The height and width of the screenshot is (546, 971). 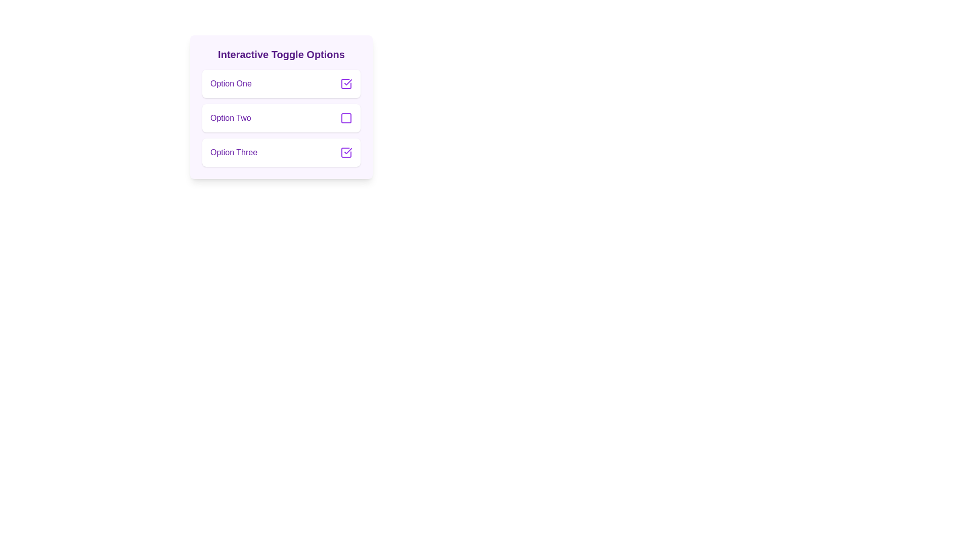 What do you see at coordinates (346, 152) in the screenshot?
I see `the Outline segment of the SVG-based checkbox icon located within the 'Option Three' checkbox` at bounding box center [346, 152].